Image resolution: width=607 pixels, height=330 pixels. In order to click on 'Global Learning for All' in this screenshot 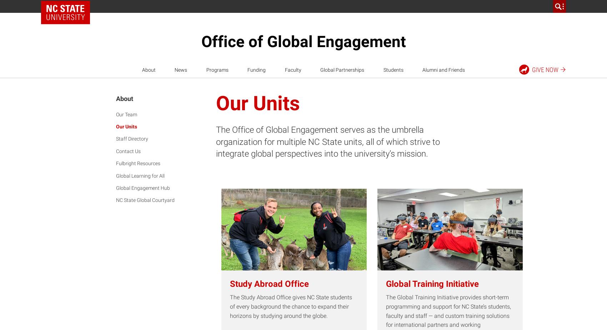, I will do `click(116, 176)`.